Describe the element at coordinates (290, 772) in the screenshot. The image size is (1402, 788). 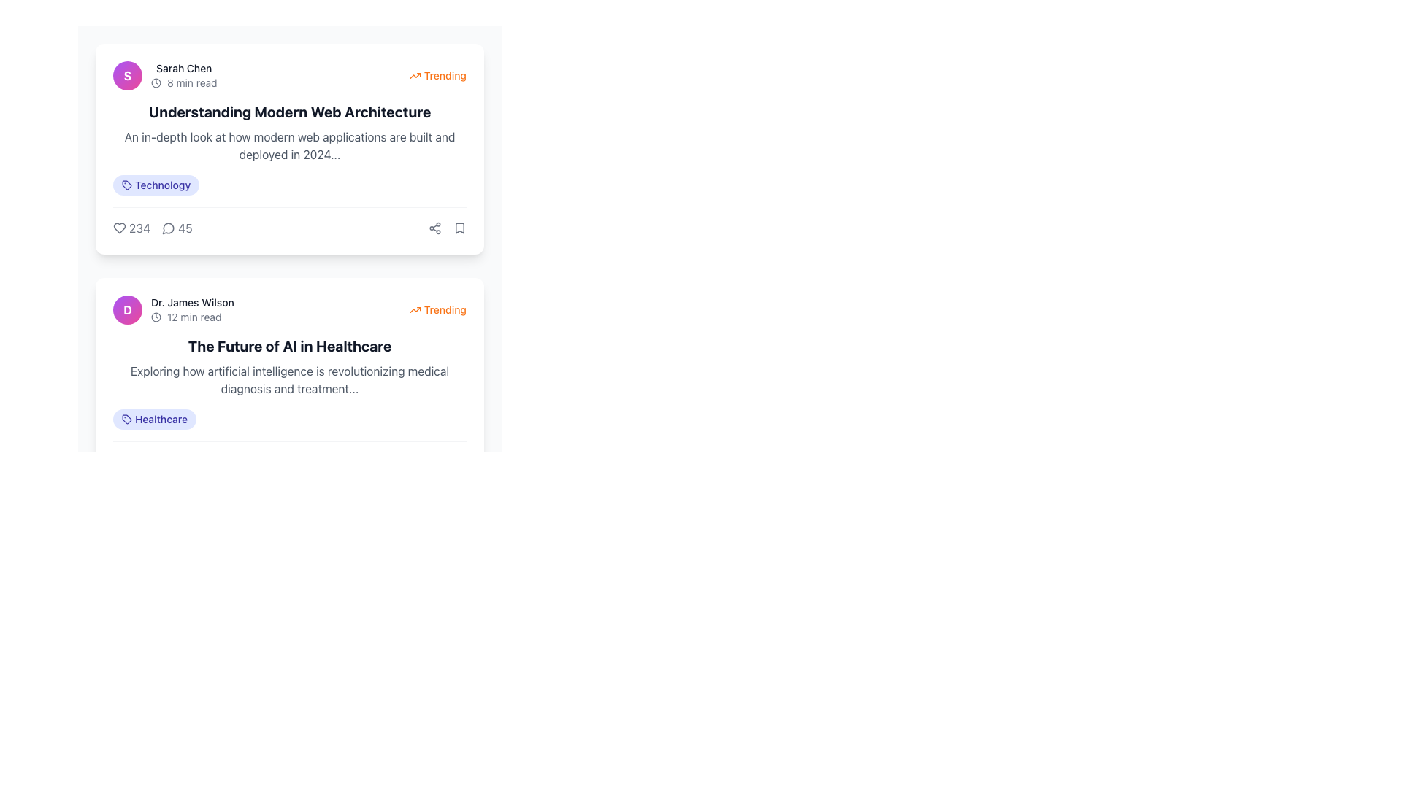
I see `the page navigation button located at the bottom center of the interface` at that location.